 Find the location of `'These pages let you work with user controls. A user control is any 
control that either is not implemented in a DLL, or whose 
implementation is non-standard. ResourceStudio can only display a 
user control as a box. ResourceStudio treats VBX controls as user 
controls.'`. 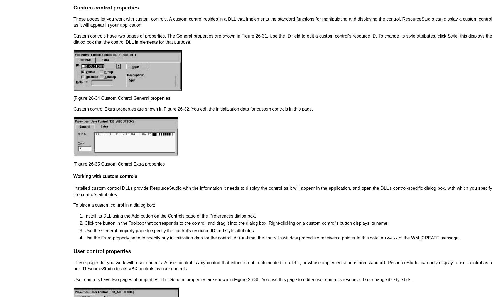

'These pages let you work with user controls. A user control is any 
control that either is not implemented in a DLL, or whose 
implementation is non-standard. ResourceStudio can only display a 
user control as a box. ResourceStudio treats VBX controls as user 
controls.' is located at coordinates (283, 265).